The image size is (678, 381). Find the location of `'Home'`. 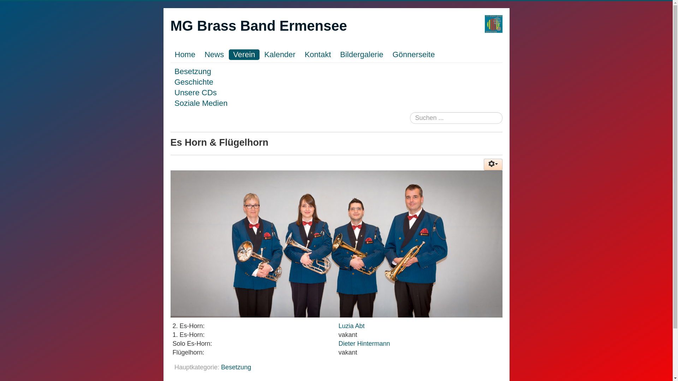

'Home' is located at coordinates (185, 54).